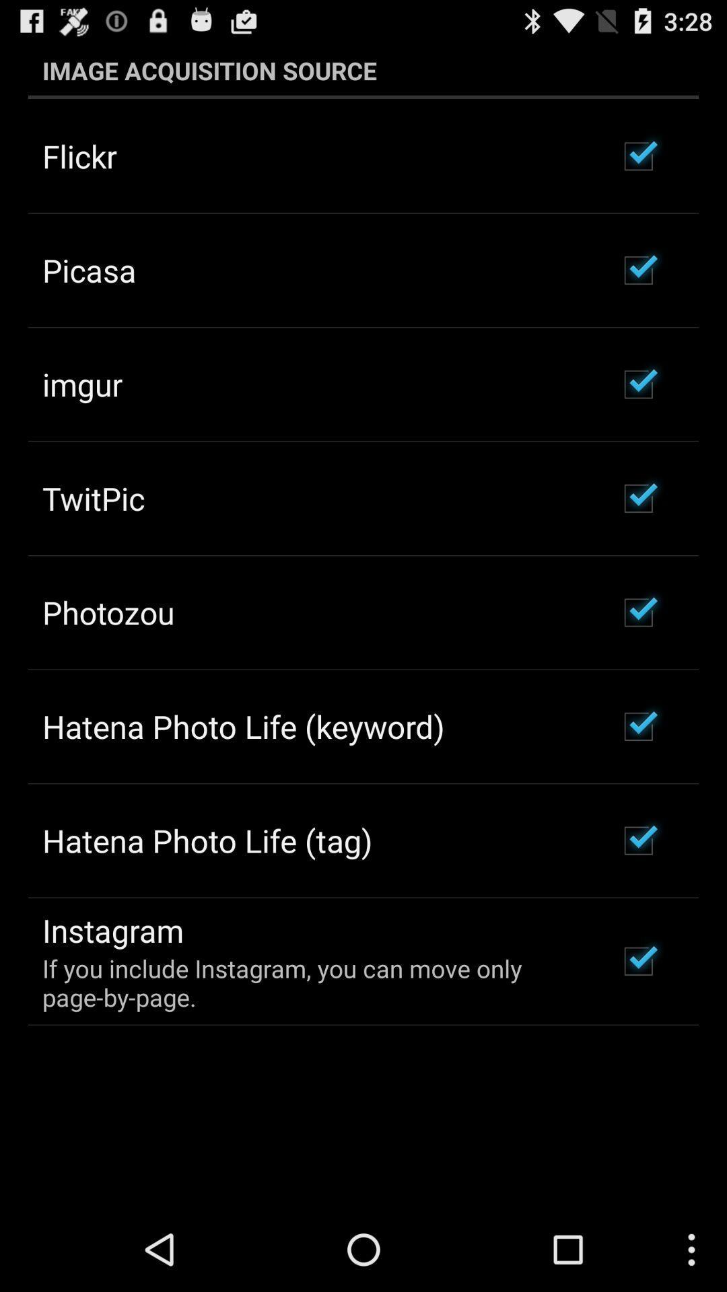  What do you see at coordinates (82, 384) in the screenshot?
I see `the item below the picasa` at bounding box center [82, 384].